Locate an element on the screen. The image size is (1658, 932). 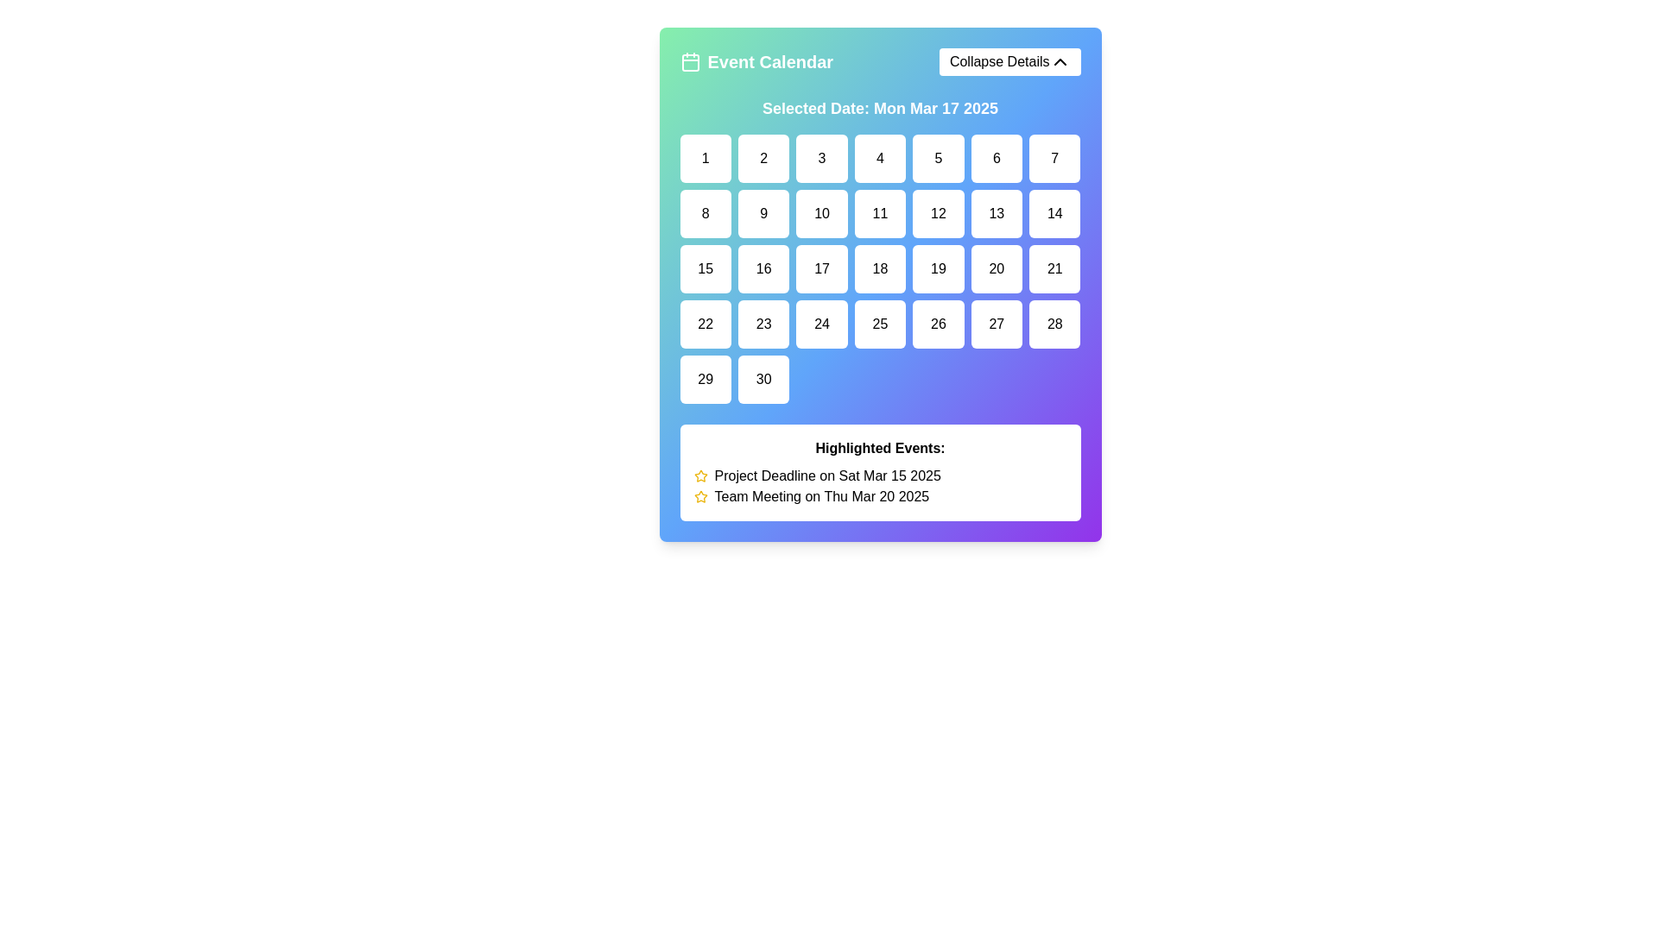
the square button with rounded corners labeled '4' is located at coordinates (880, 159).